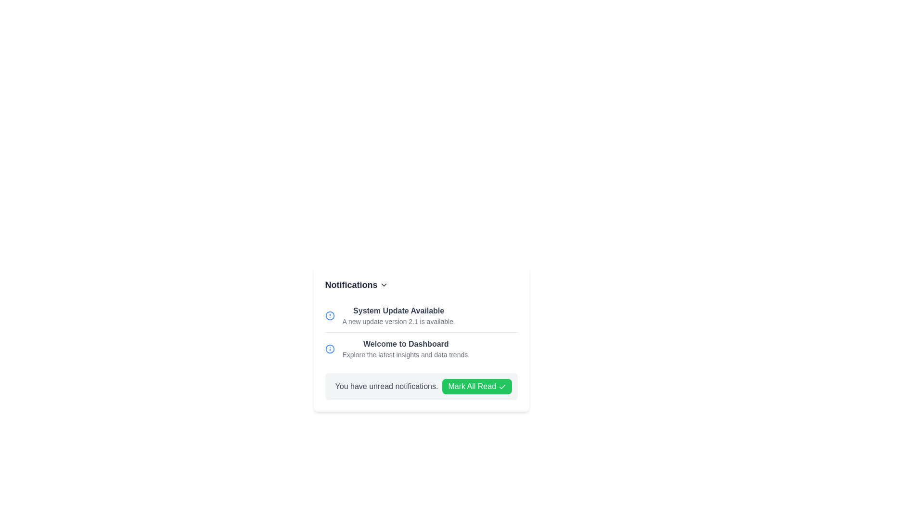  Describe the element at coordinates (501, 386) in the screenshot. I see `the checkmark icon within the 'Mark All Read' button` at that location.